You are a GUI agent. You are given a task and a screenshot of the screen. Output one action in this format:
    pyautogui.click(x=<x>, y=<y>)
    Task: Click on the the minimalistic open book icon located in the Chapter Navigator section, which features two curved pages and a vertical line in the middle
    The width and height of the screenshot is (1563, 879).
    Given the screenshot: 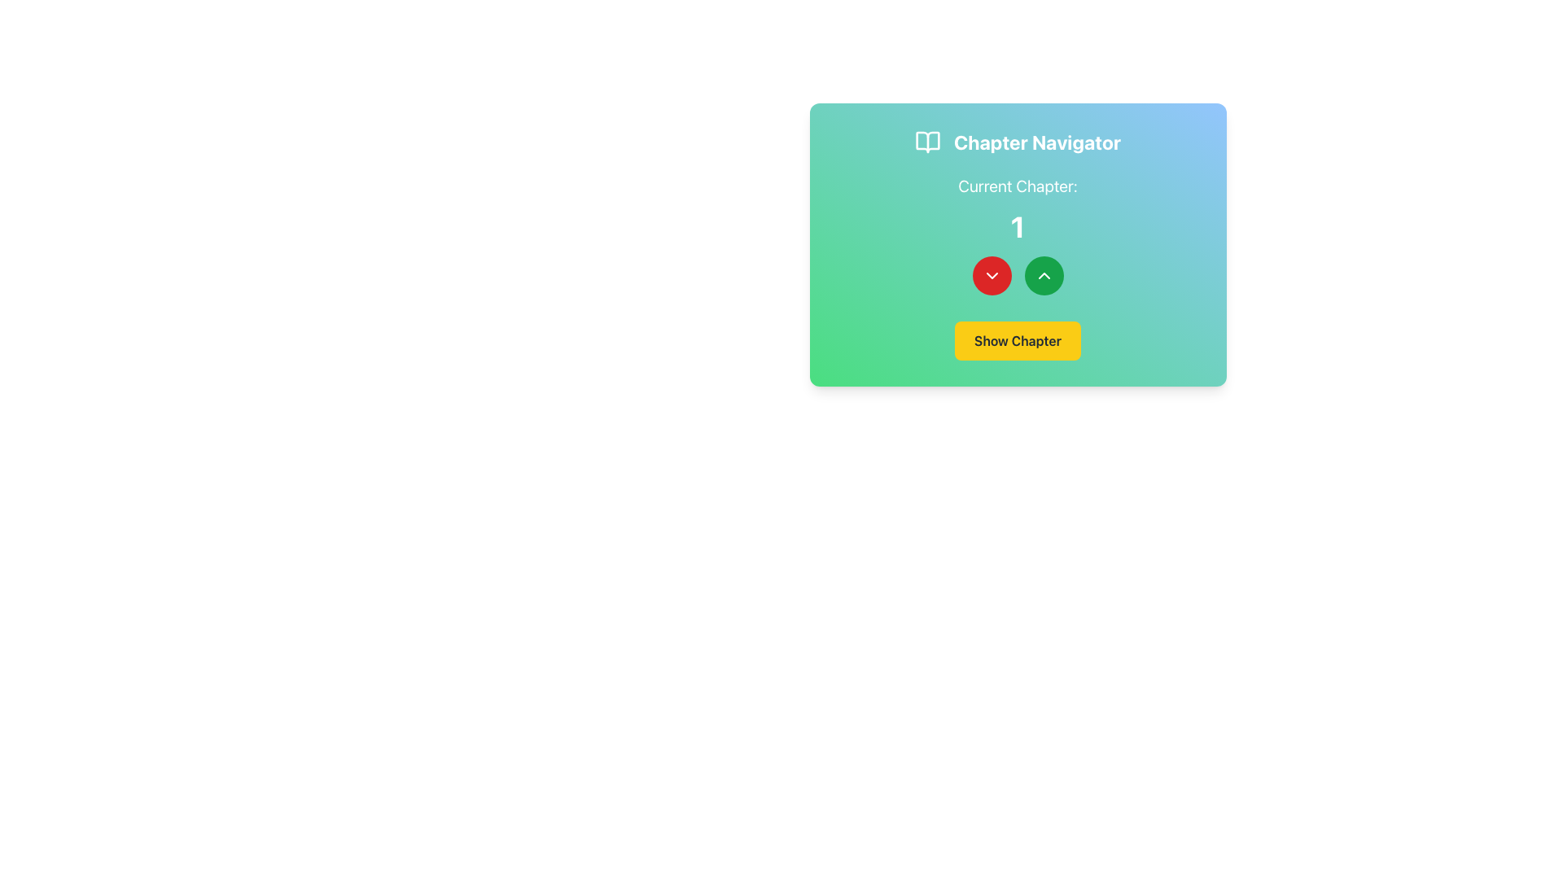 What is the action you would take?
    pyautogui.click(x=927, y=141)
    